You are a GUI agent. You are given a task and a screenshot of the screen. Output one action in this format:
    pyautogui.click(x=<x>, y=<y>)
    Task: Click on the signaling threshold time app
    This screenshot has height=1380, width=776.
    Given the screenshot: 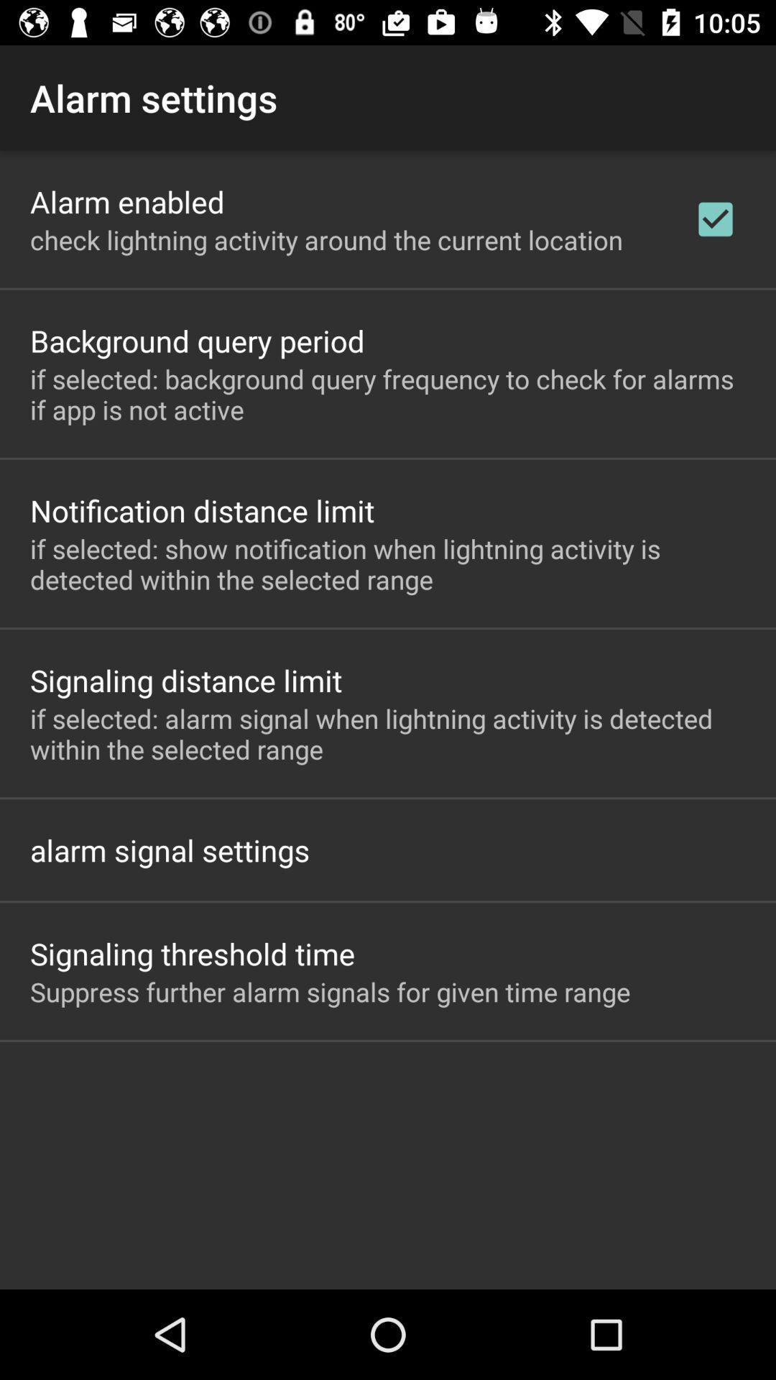 What is the action you would take?
    pyautogui.click(x=192, y=953)
    